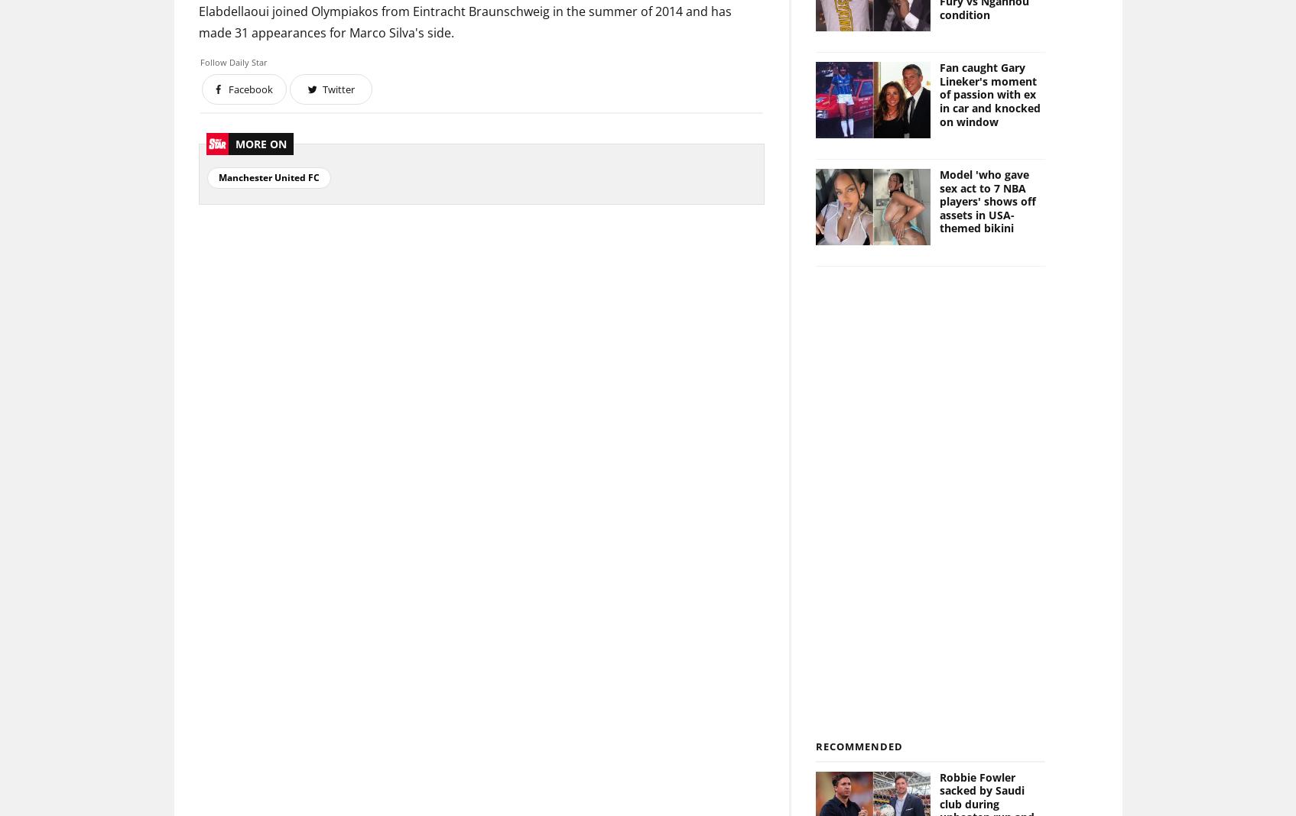 The image size is (1296, 816). What do you see at coordinates (214, 61) in the screenshot?
I see `'Follow'` at bounding box center [214, 61].